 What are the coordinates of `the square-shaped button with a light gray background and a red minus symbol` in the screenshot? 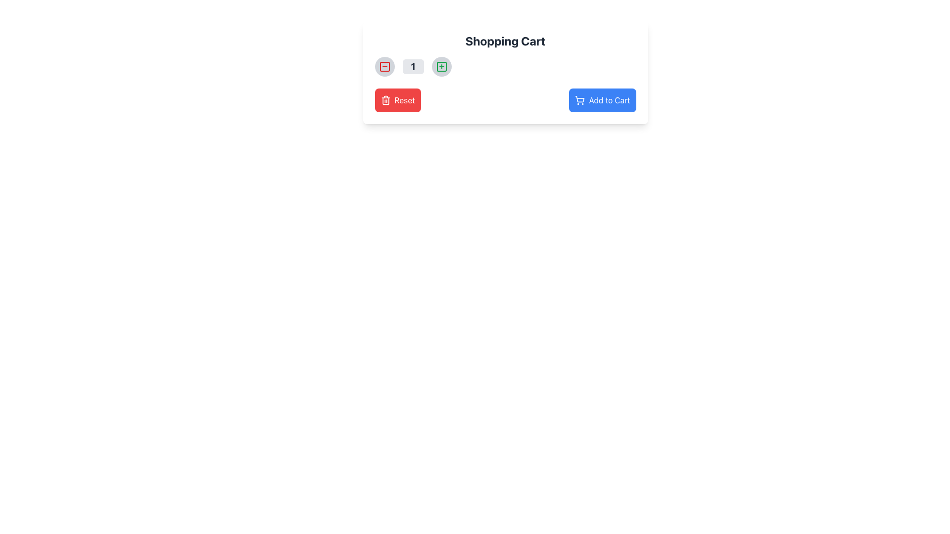 It's located at (384, 67).